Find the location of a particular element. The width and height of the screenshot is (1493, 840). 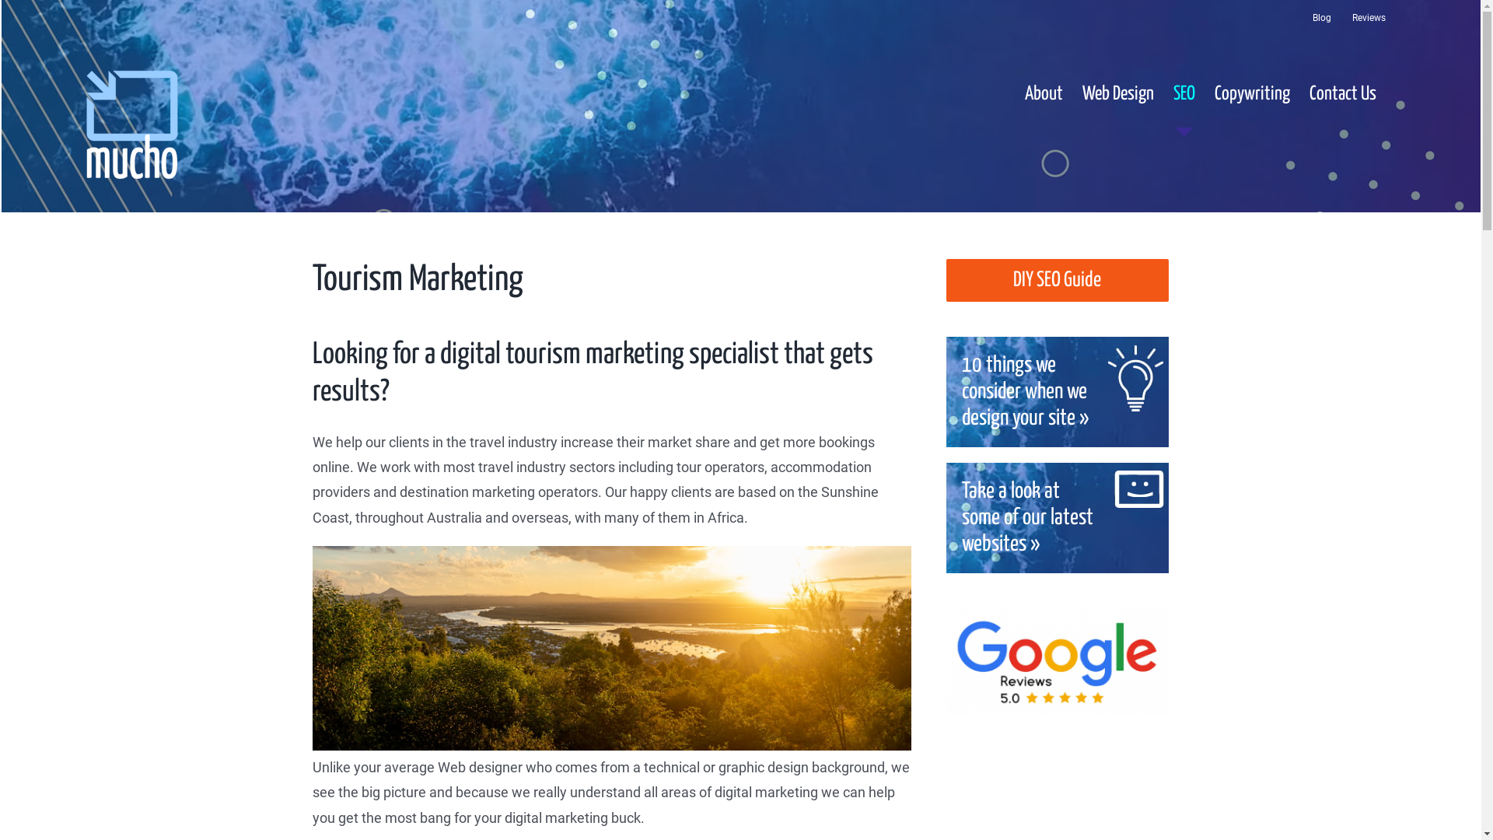

'Web Design' is located at coordinates (1117, 93).